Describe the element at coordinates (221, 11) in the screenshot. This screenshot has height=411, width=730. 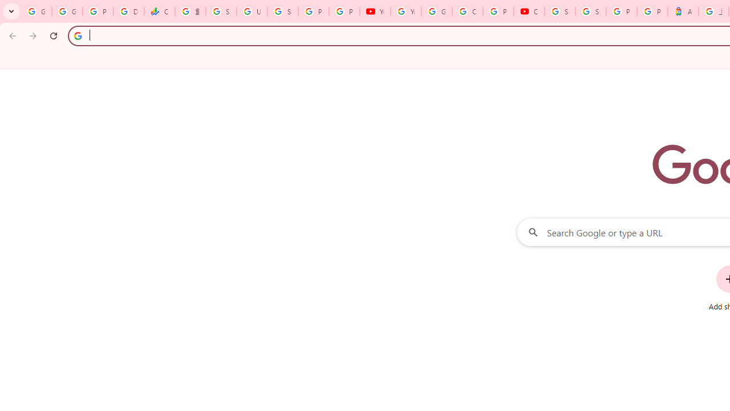
I see `'Sign in - Google Accounts'` at that location.